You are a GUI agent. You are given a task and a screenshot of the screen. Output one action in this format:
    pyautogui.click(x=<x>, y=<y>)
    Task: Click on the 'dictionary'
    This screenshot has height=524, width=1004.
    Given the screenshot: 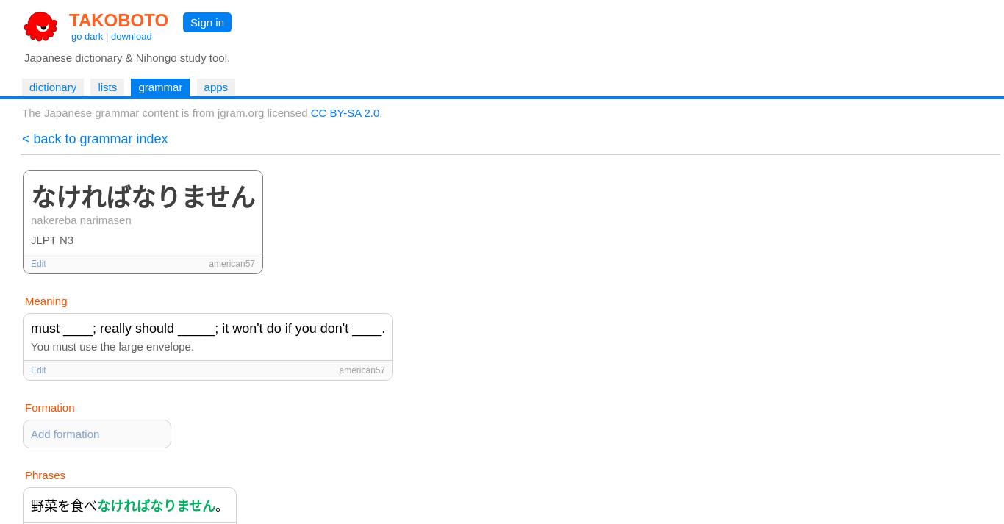 What is the action you would take?
    pyautogui.click(x=29, y=86)
    